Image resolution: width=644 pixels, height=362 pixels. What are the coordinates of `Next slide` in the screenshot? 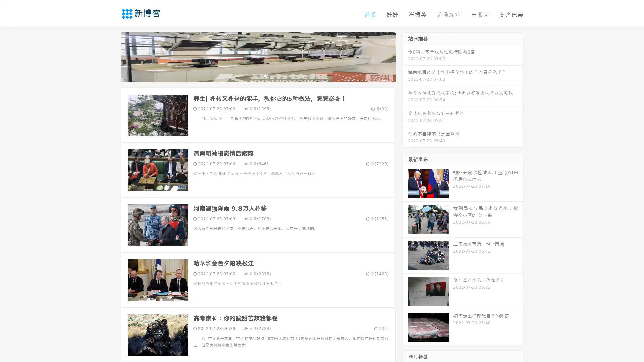 It's located at (405, 56).